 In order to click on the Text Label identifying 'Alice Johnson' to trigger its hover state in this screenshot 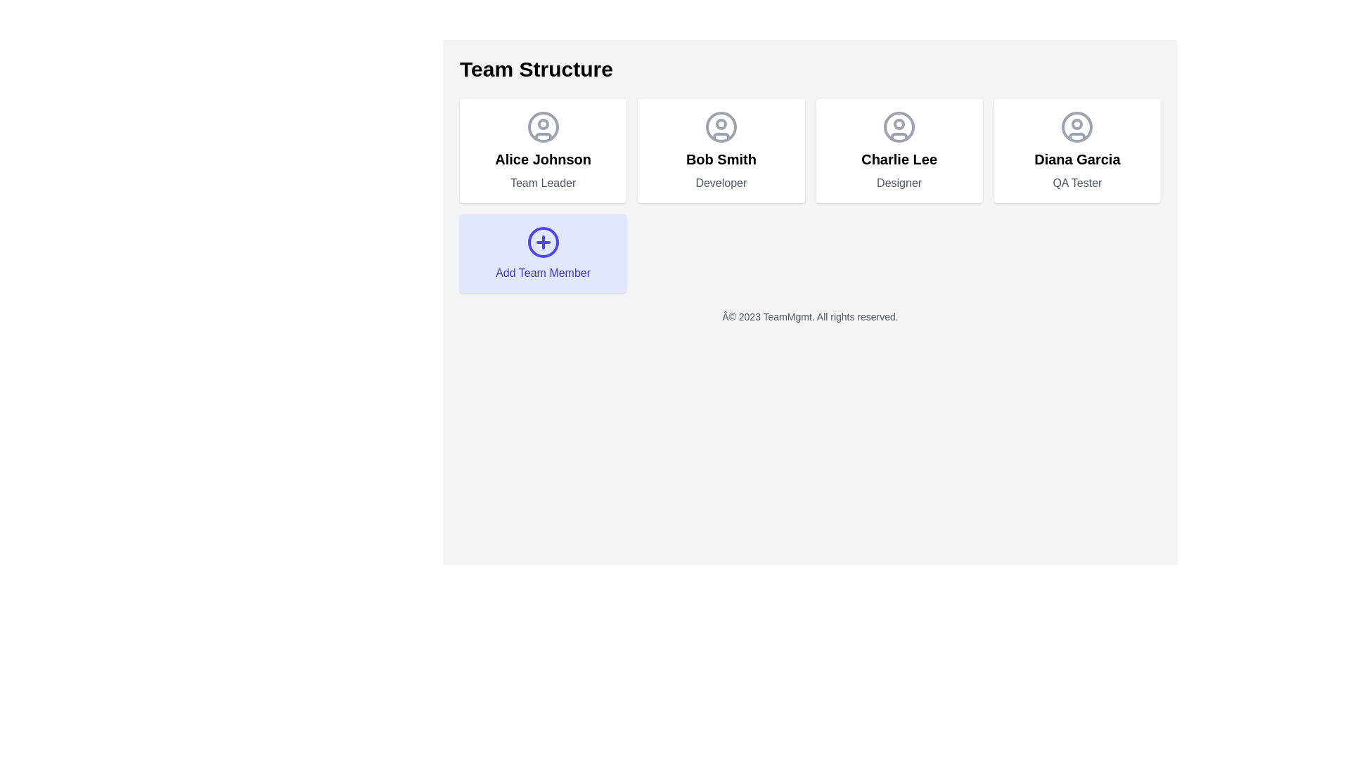, I will do `click(542, 159)`.